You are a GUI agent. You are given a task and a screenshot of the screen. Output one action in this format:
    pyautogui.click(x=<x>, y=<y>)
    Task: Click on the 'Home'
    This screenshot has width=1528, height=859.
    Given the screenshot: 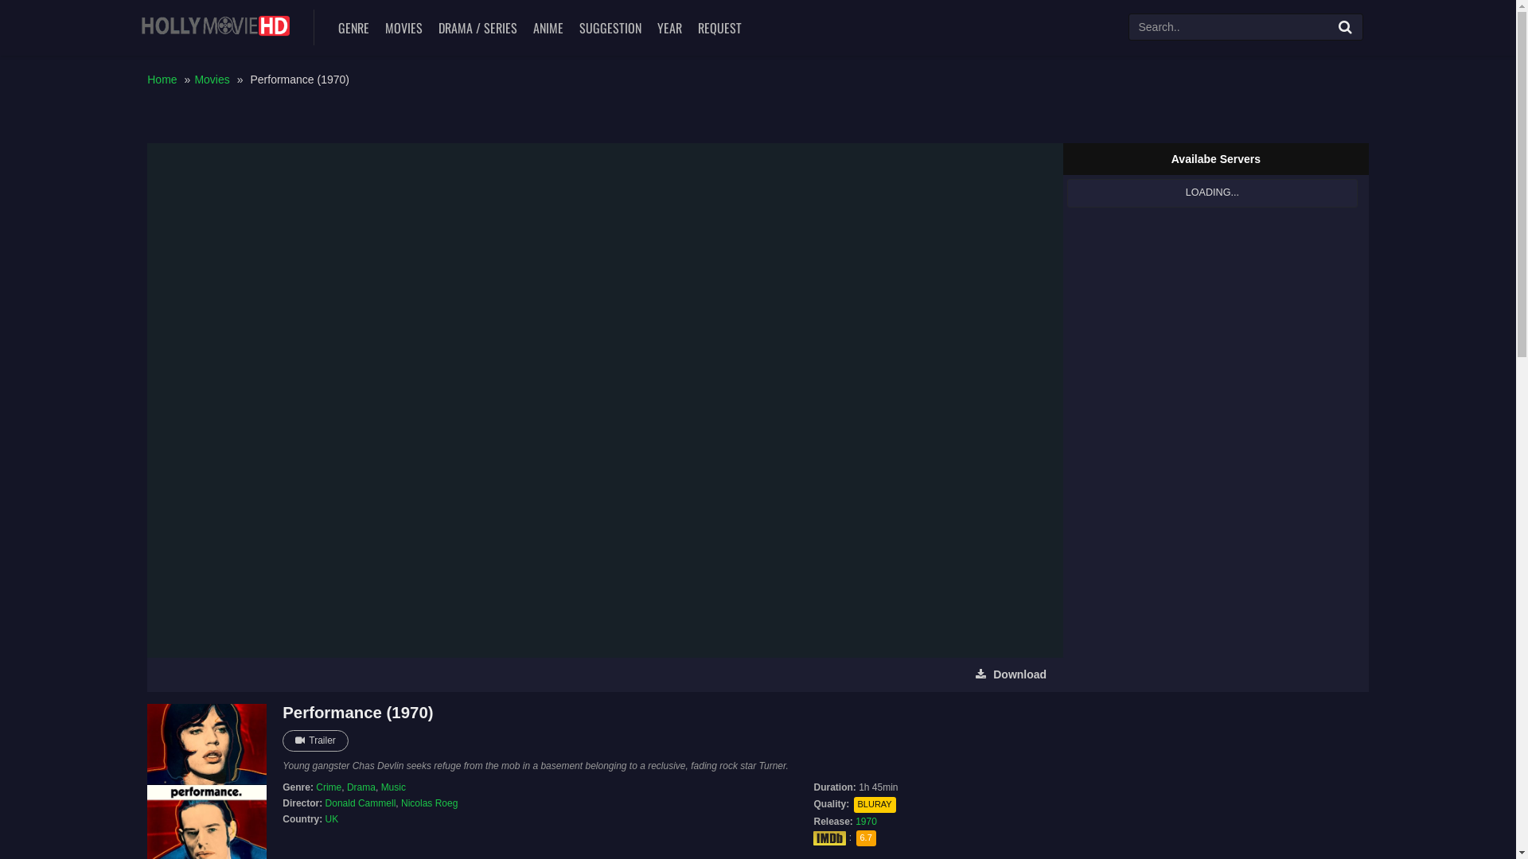 What is the action you would take?
    pyautogui.click(x=162, y=80)
    